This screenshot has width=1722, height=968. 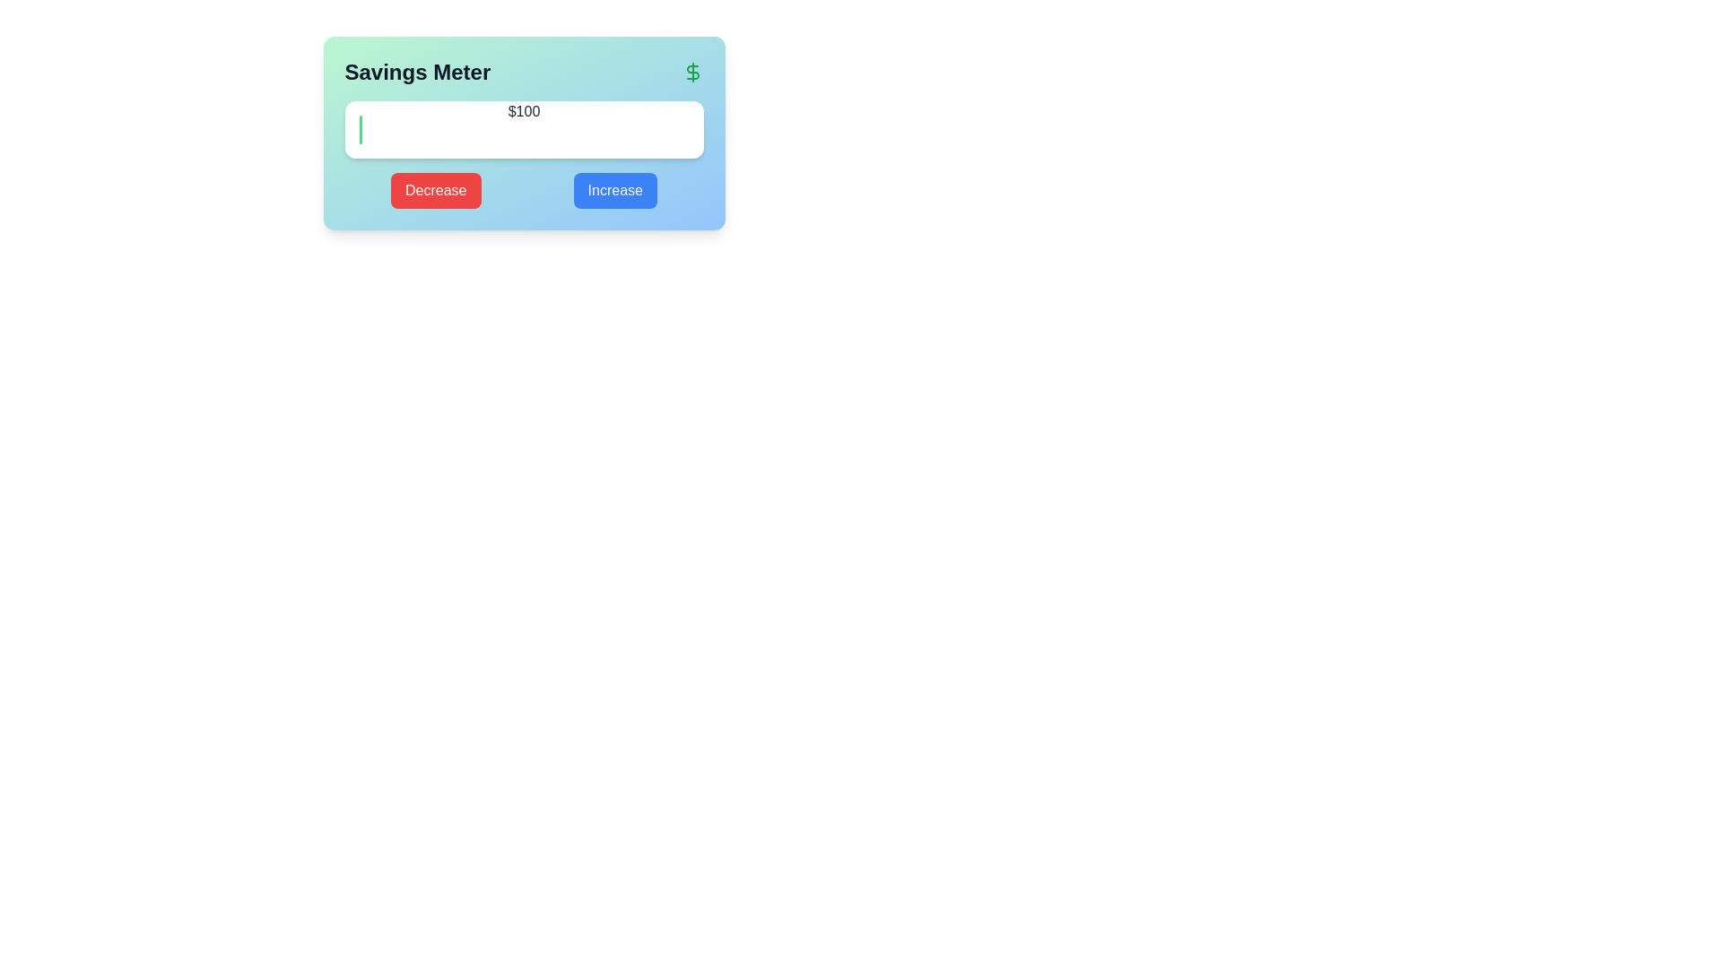 I want to click on the 'Decrease' button with a red background located to the left of the 'Increase' button on the 'Savings Meter' interface, so click(x=435, y=190).